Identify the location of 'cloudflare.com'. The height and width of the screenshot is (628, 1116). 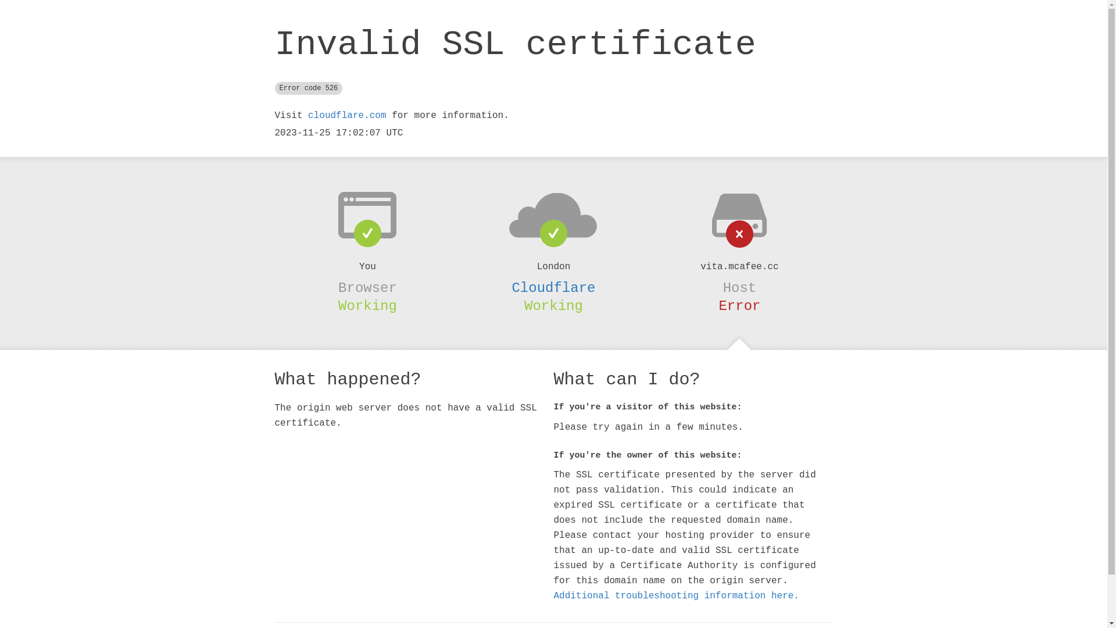
(346, 116).